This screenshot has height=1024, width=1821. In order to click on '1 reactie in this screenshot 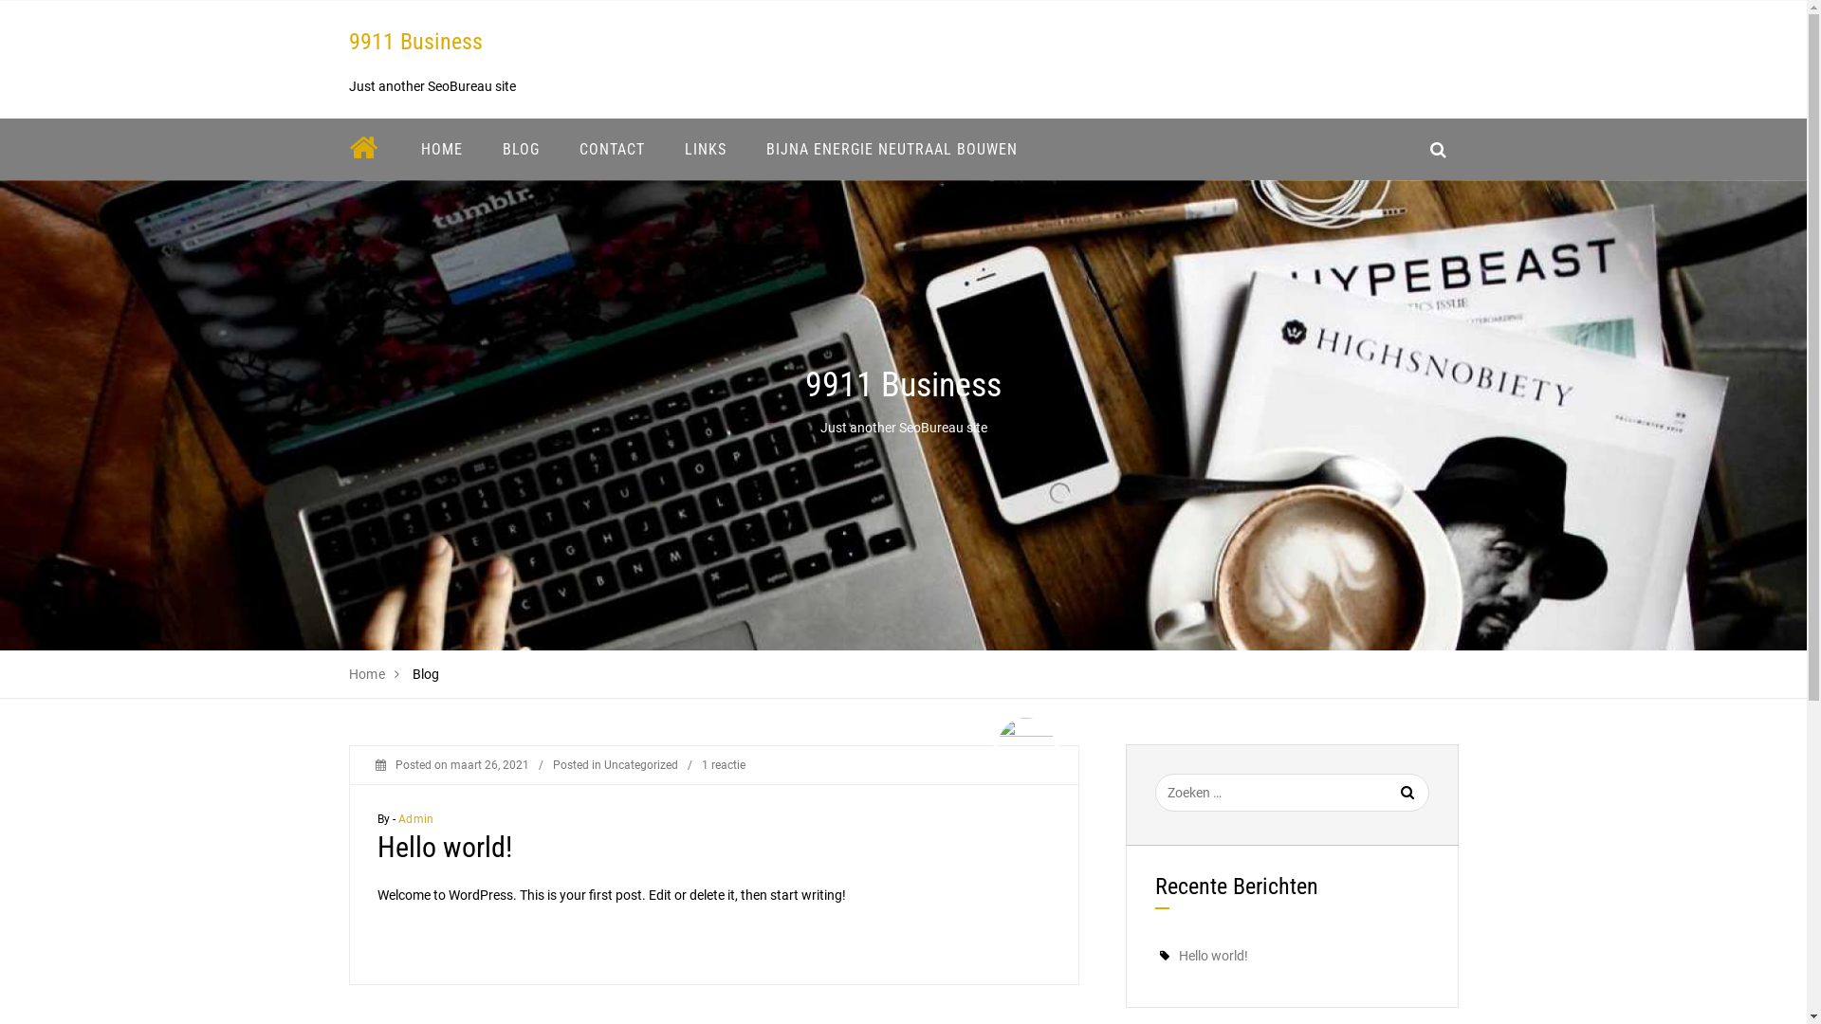, I will do `click(723, 763)`.